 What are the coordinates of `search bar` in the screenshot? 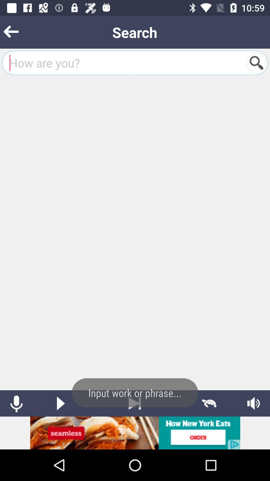 It's located at (124, 62).